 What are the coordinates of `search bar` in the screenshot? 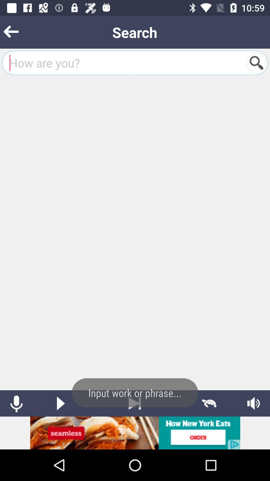 It's located at (124, 62).